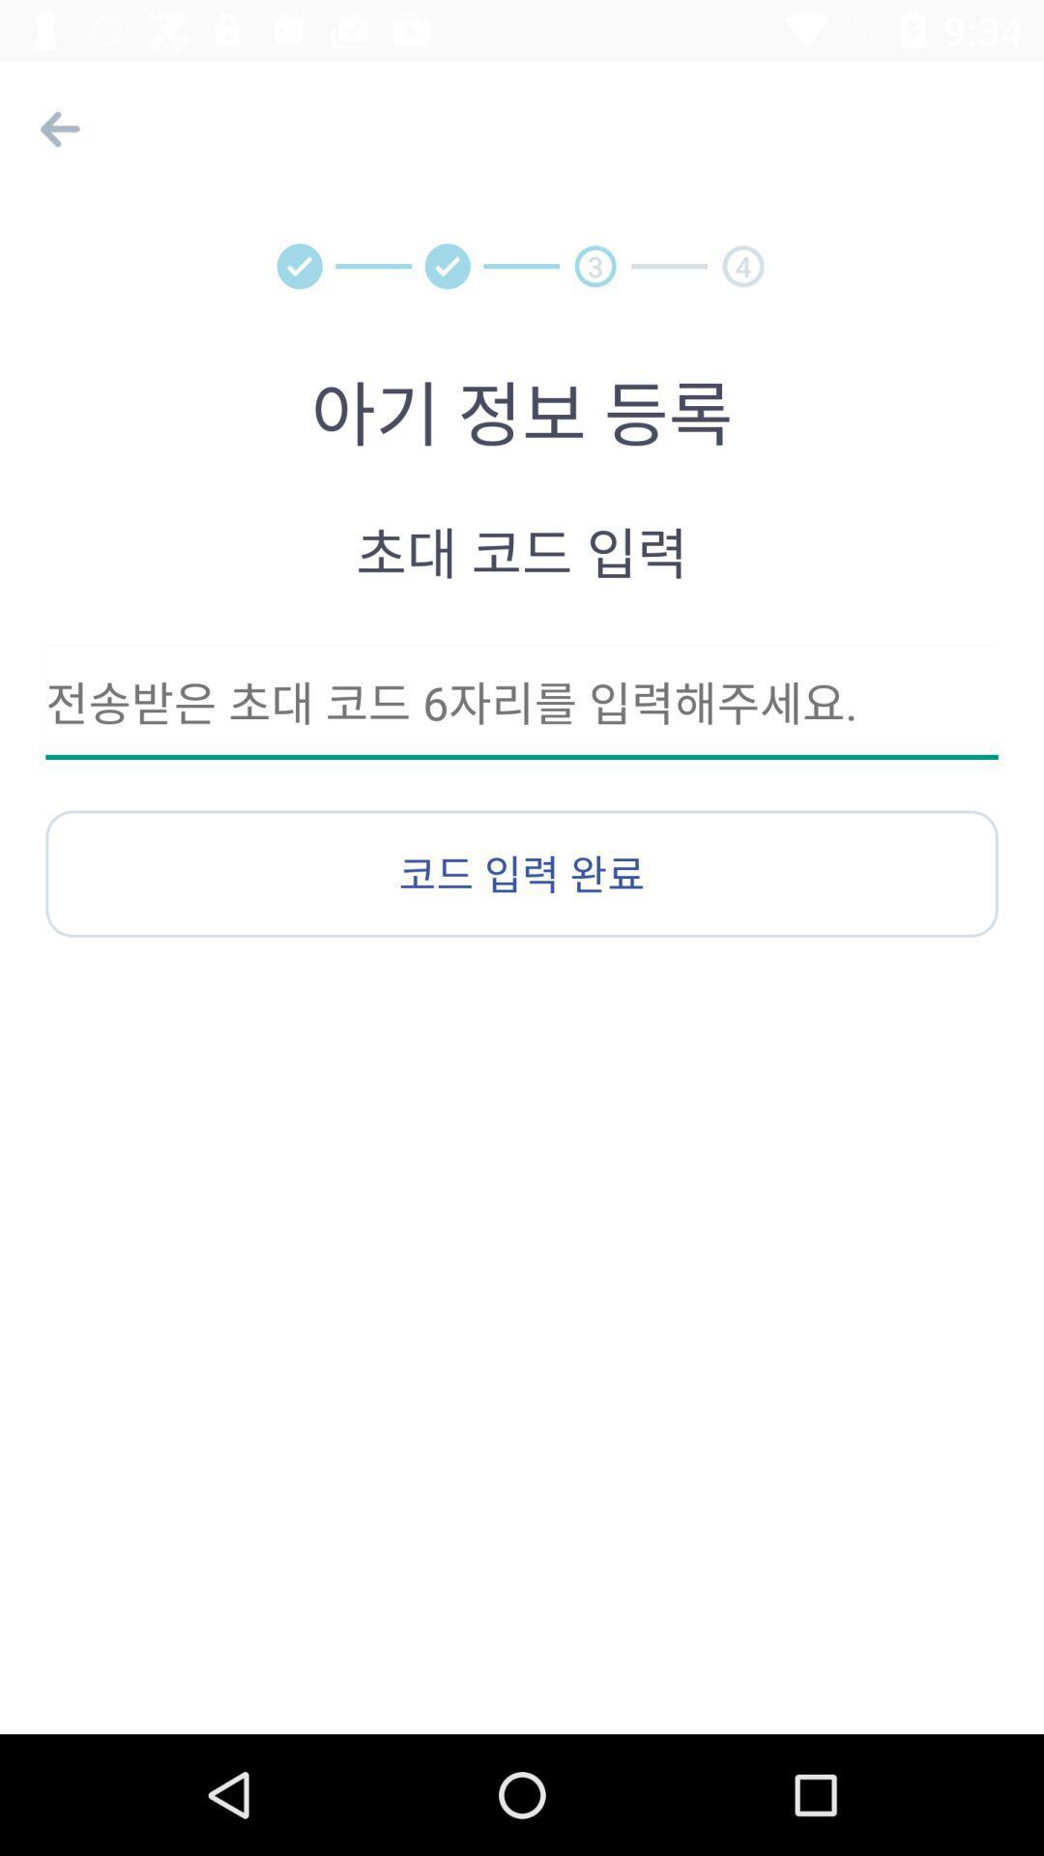 Image resolution: width=1044 pixels, height=1856 pixels. Describe the element at coordinates (54, 128) in the screenshot. I see `the arrow_backward icon` at that location.